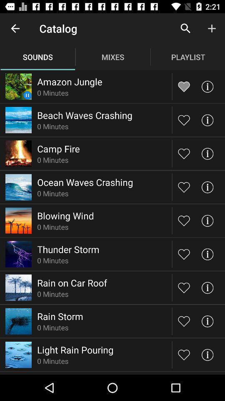  What do you see at coordinates (207, 287) in the screenshot?
I see `more information on this sound` at bounding box center [207, 287].